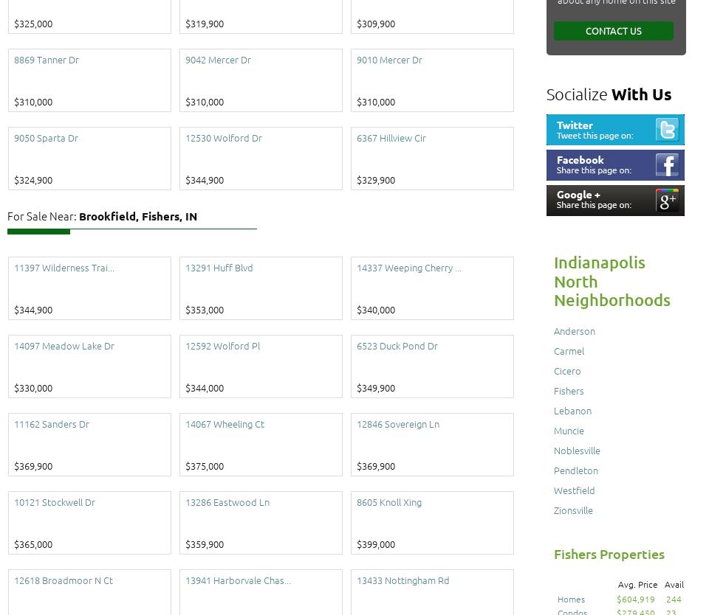  I want to click on '$604,919', so click(635, 597).